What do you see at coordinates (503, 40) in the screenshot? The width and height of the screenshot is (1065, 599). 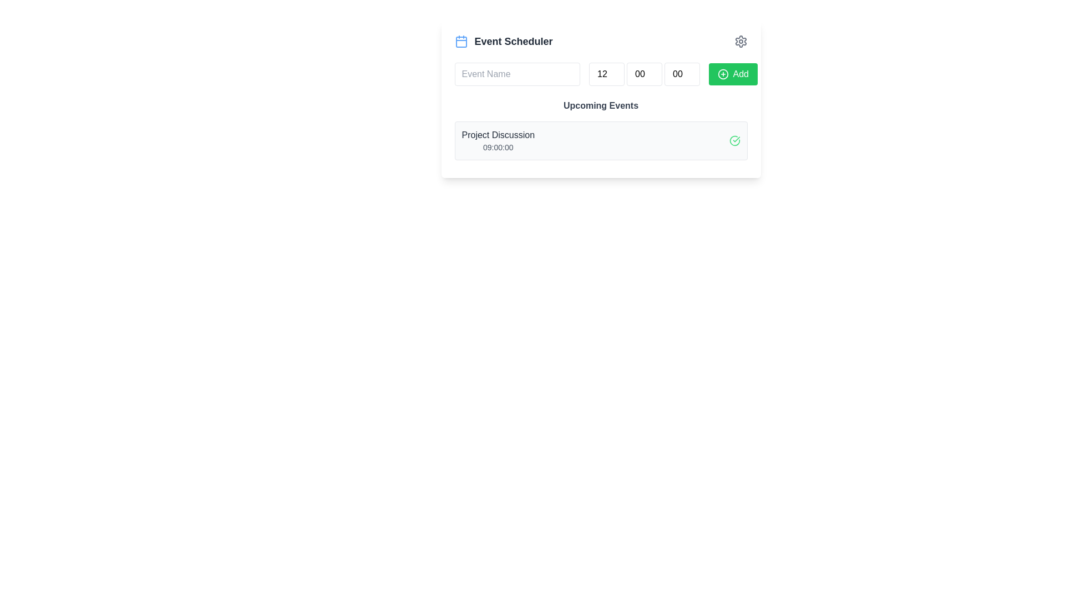 I see `the section heading element that includes a blue outlined calendar icon and the bold text 'Event Scheduler'` at bounding box center [503, 40].